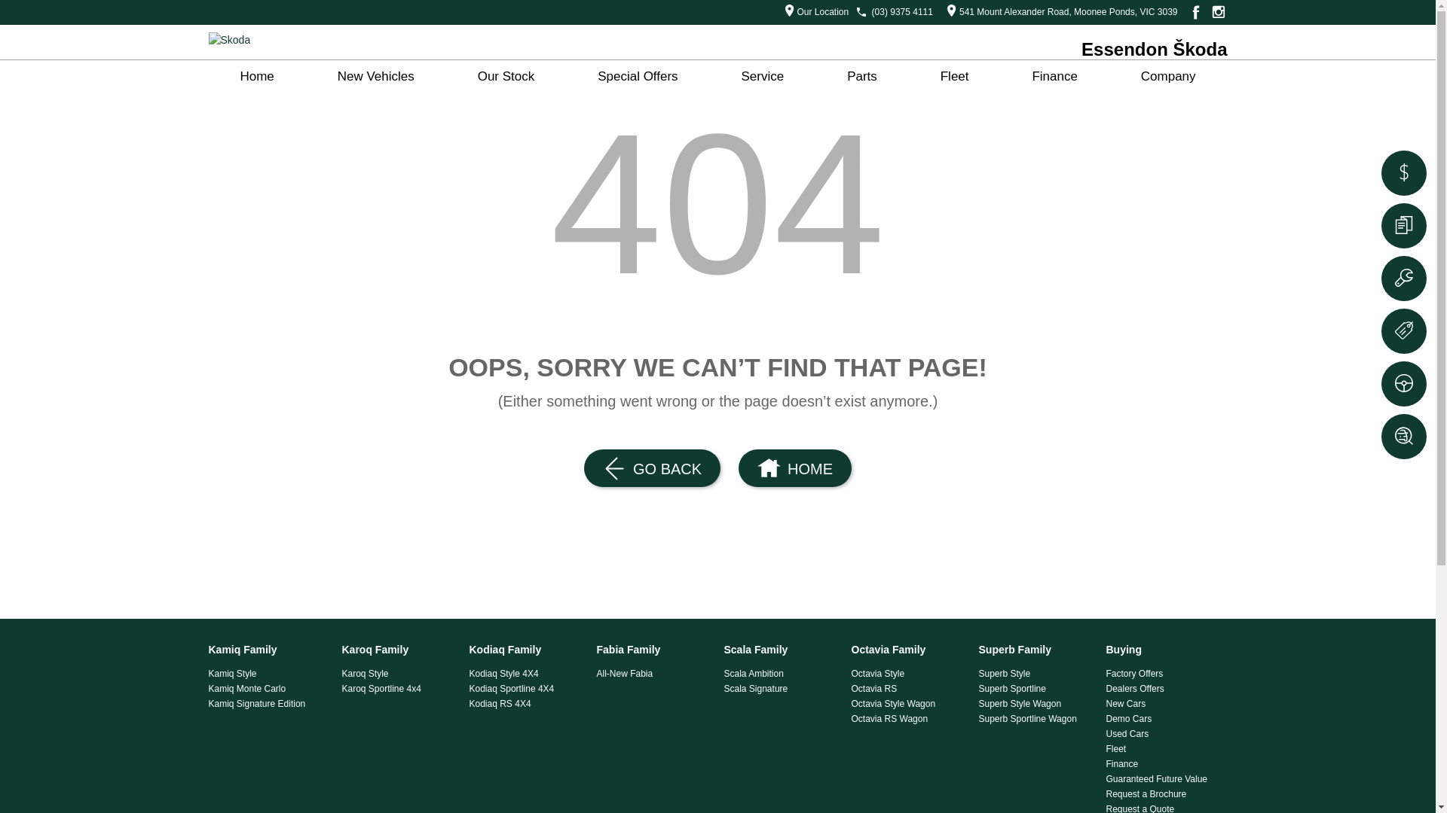 This screenshot has width=1447, height=813. I want to click on 'Kodiaq Sportline 4X4', so click(526, 688).